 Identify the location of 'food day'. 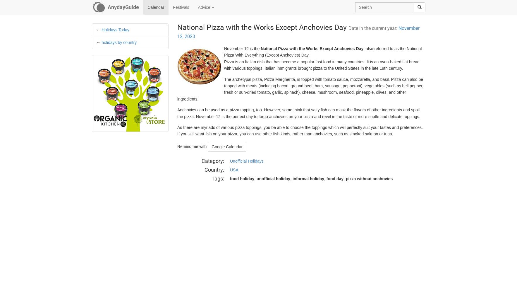
(335, 178).